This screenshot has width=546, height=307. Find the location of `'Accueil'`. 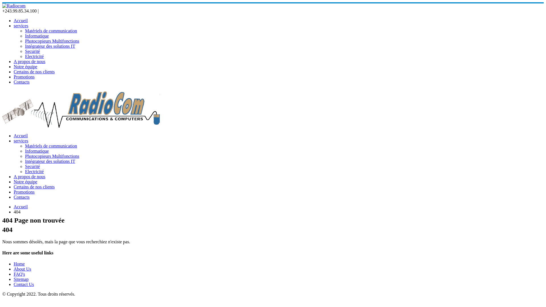

'Accueil' is located at coordinates (20, 136).